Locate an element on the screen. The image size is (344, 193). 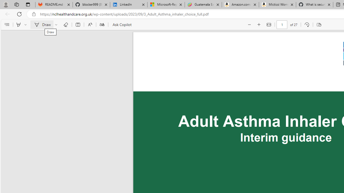
'Zoom in (Ctrl+Plus key)' is located at coordinates (259, 25).